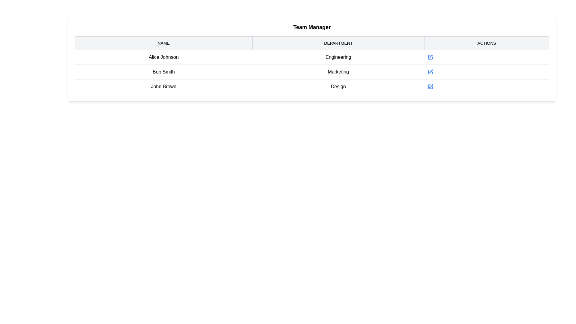  I want to click on the Table Header Cell that serves as the header for the 'Name' column, located at the top-left part of the table, so click(163, 43).